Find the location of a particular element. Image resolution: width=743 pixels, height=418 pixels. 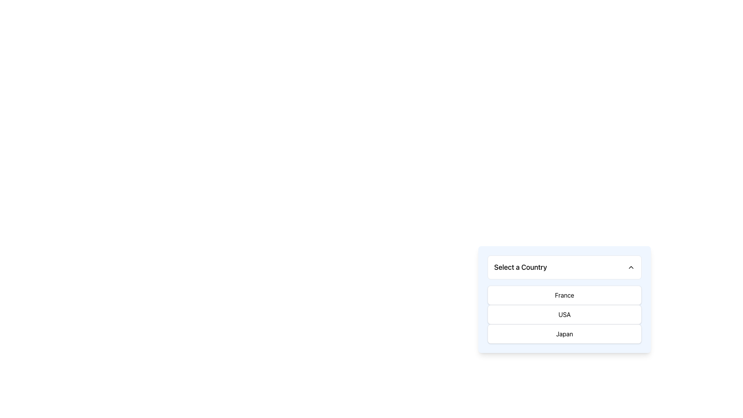

the button labeled 'France', which is a rectangular button with rounded corners located directly beneath the 'Select a Country' dropdown is located at coordinates (565, 299).